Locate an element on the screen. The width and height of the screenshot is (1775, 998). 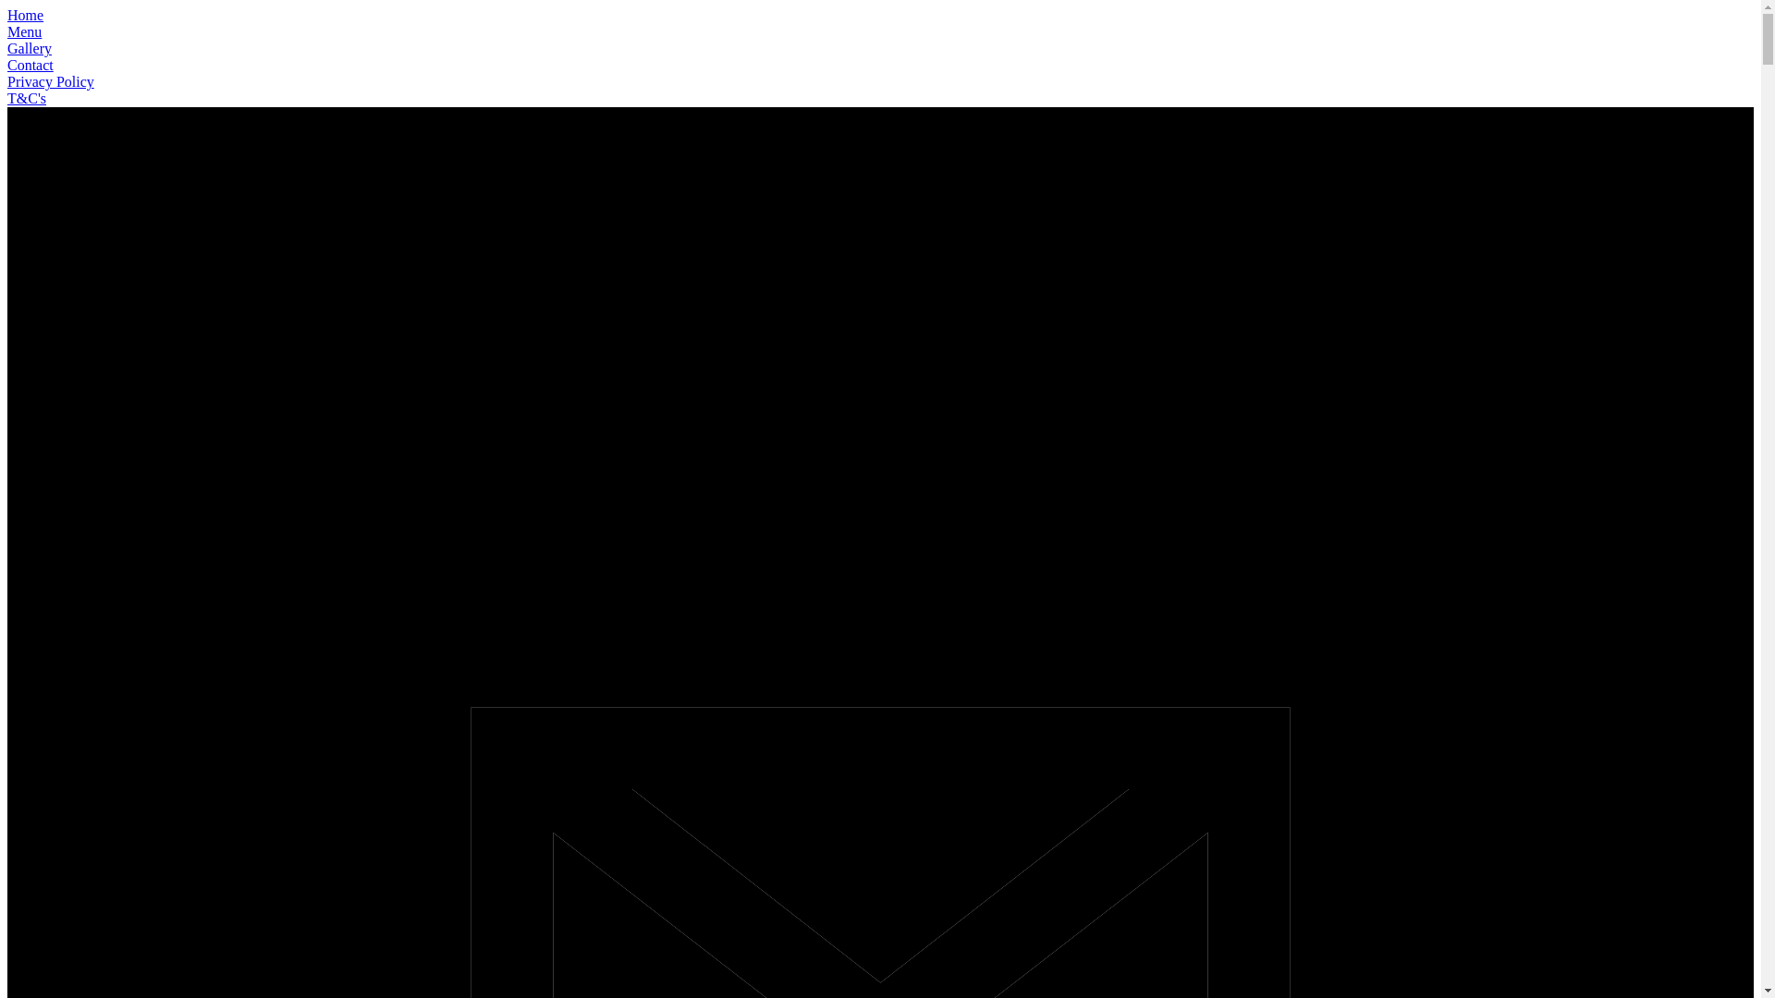
'Privacy Policy' is located at coordinates (7, 80).